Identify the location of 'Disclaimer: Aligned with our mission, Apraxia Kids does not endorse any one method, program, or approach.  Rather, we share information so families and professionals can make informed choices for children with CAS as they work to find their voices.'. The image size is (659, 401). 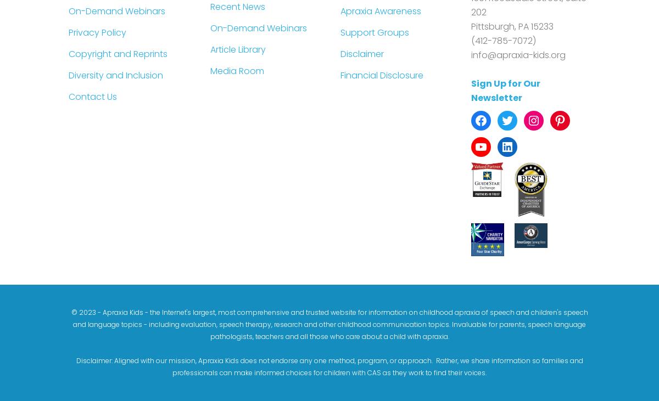
(76, 366).